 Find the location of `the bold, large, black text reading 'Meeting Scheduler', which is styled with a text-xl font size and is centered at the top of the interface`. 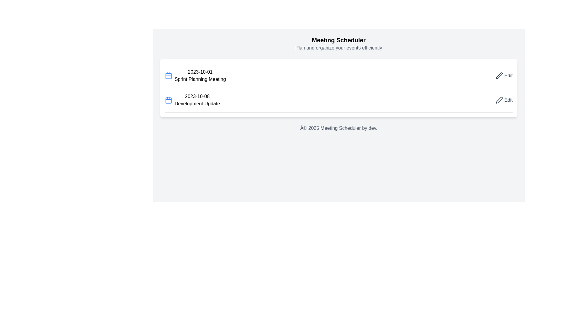

the bold, large, black text reading 'Meeting Scheduler', which is styled with a text-xl font size and is centered at the top of the interface is located at coordinates (339, 40).